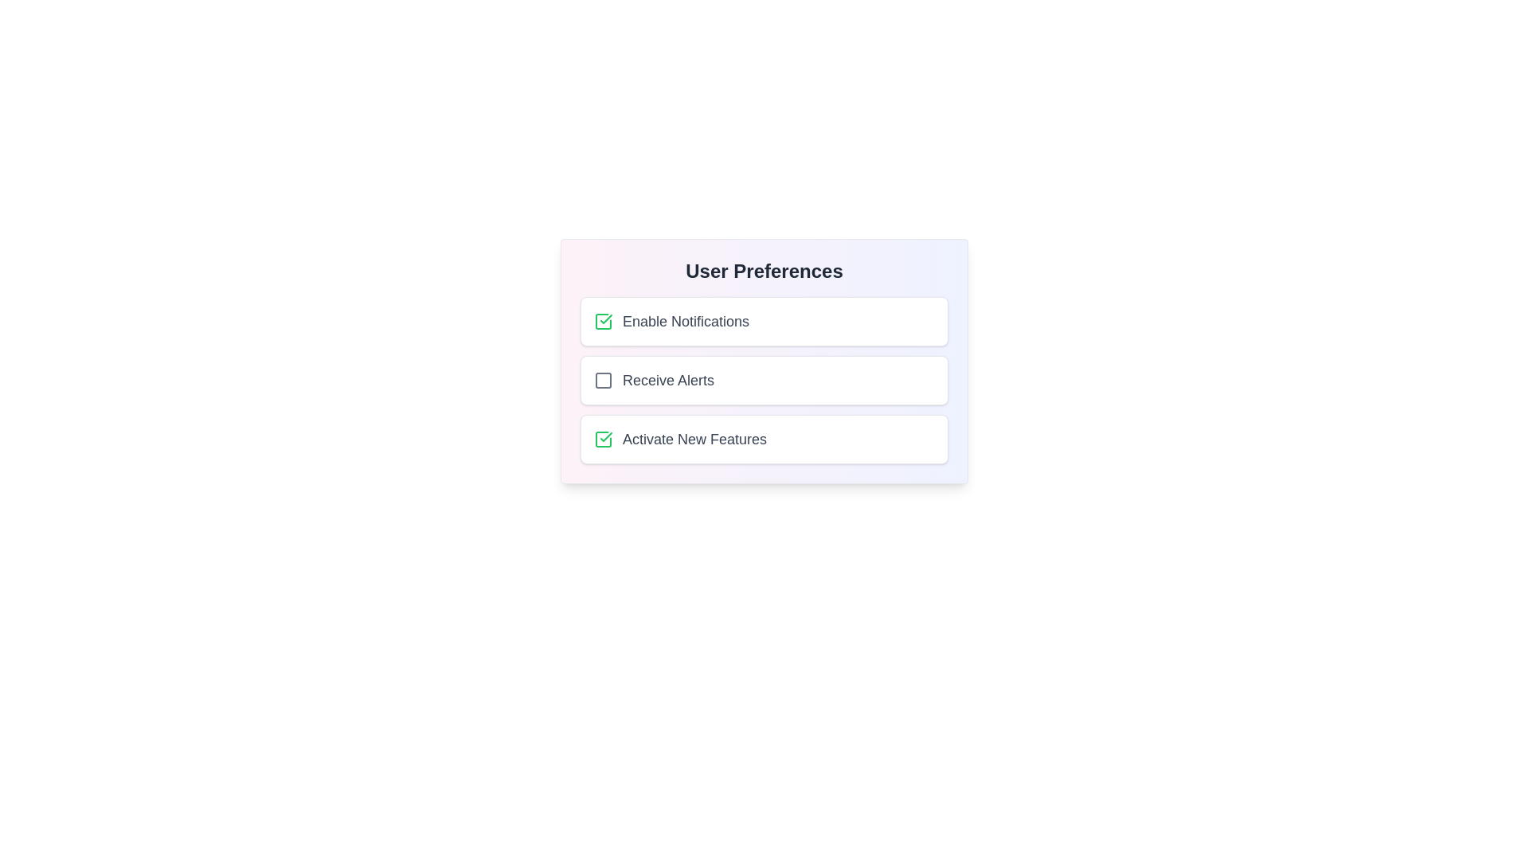 Image resolution: width=1529 pixels, height=860 pixels. I want to click on the 'Receive Alerts' text label, which is gray and medium-sized, located in the center-right portion of the UI, aligned with a checkbox to its left, so click(668, 381).